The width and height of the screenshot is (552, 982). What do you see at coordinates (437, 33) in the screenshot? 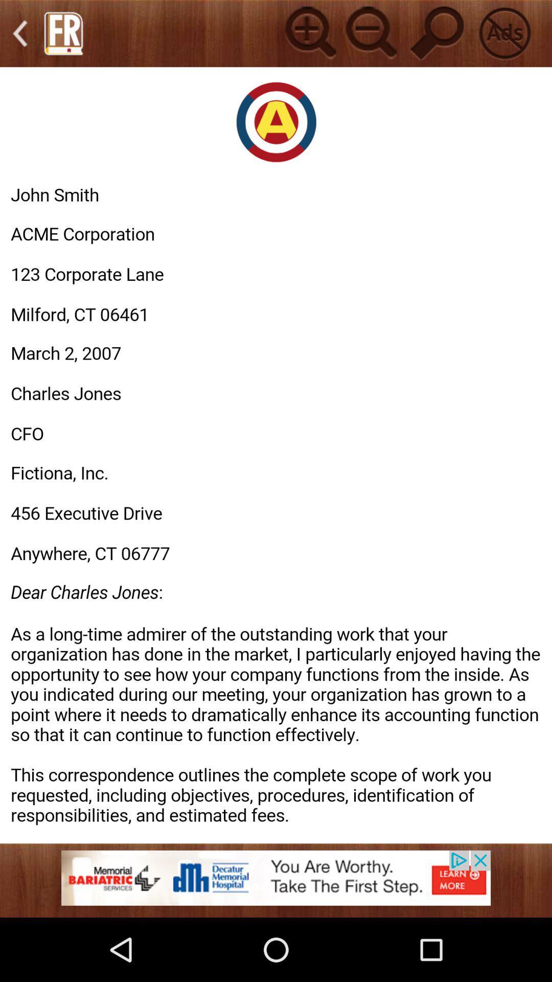
I see `search` at bounding box center [437, 33].